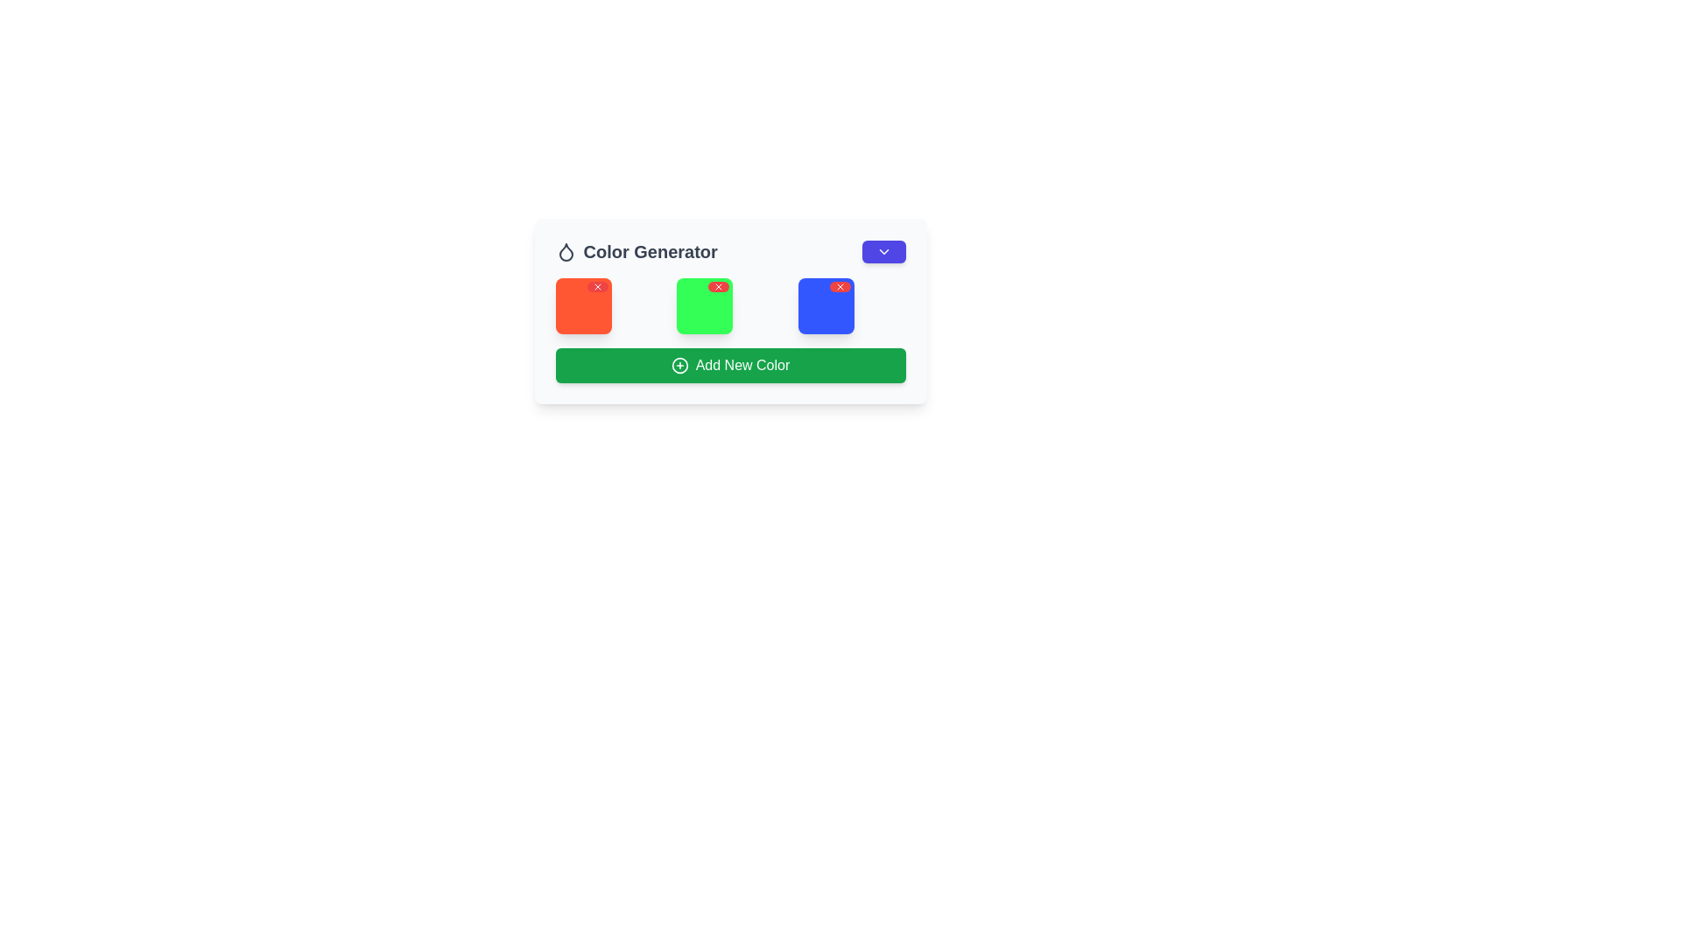  What do you see at coordinates (566, 252) in the screenshot?
I see `the droplet-shaped icon with a black outline located to the left of the 'Color Generator' text` at bounding box center [566, 252].